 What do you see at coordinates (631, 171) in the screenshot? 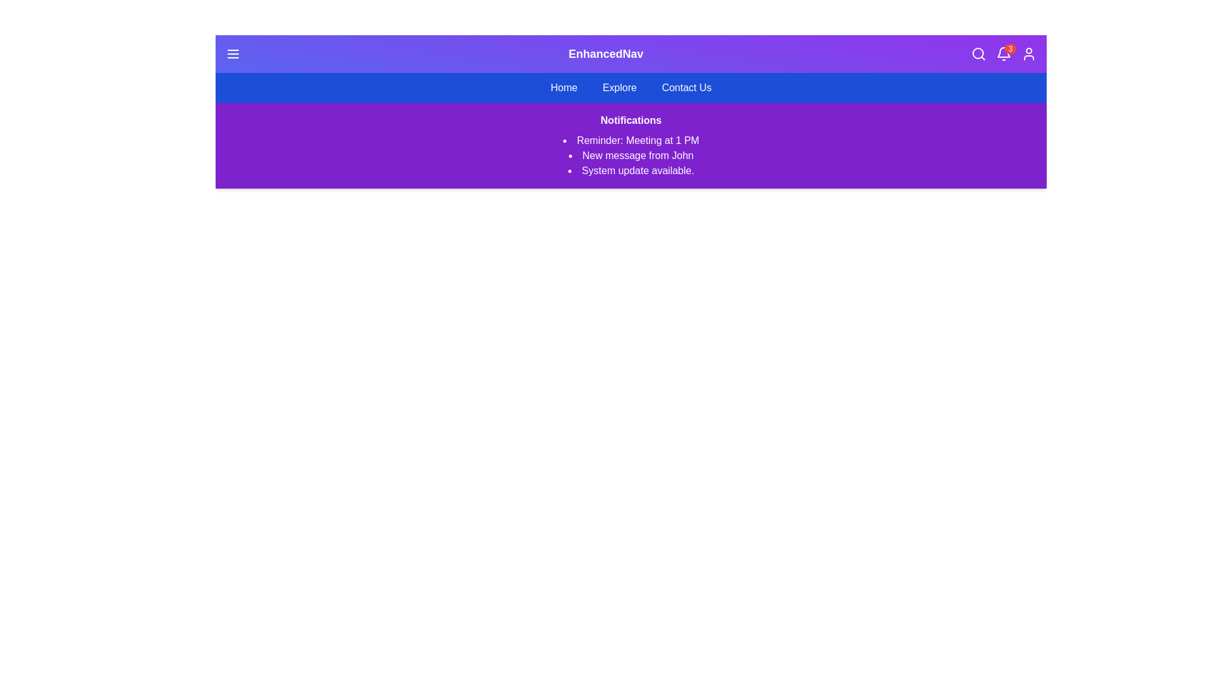
I see `notification information displayed as the third bullet in the 'Notifications' section, which informs users about a system update` at bounding box center [631, 171].